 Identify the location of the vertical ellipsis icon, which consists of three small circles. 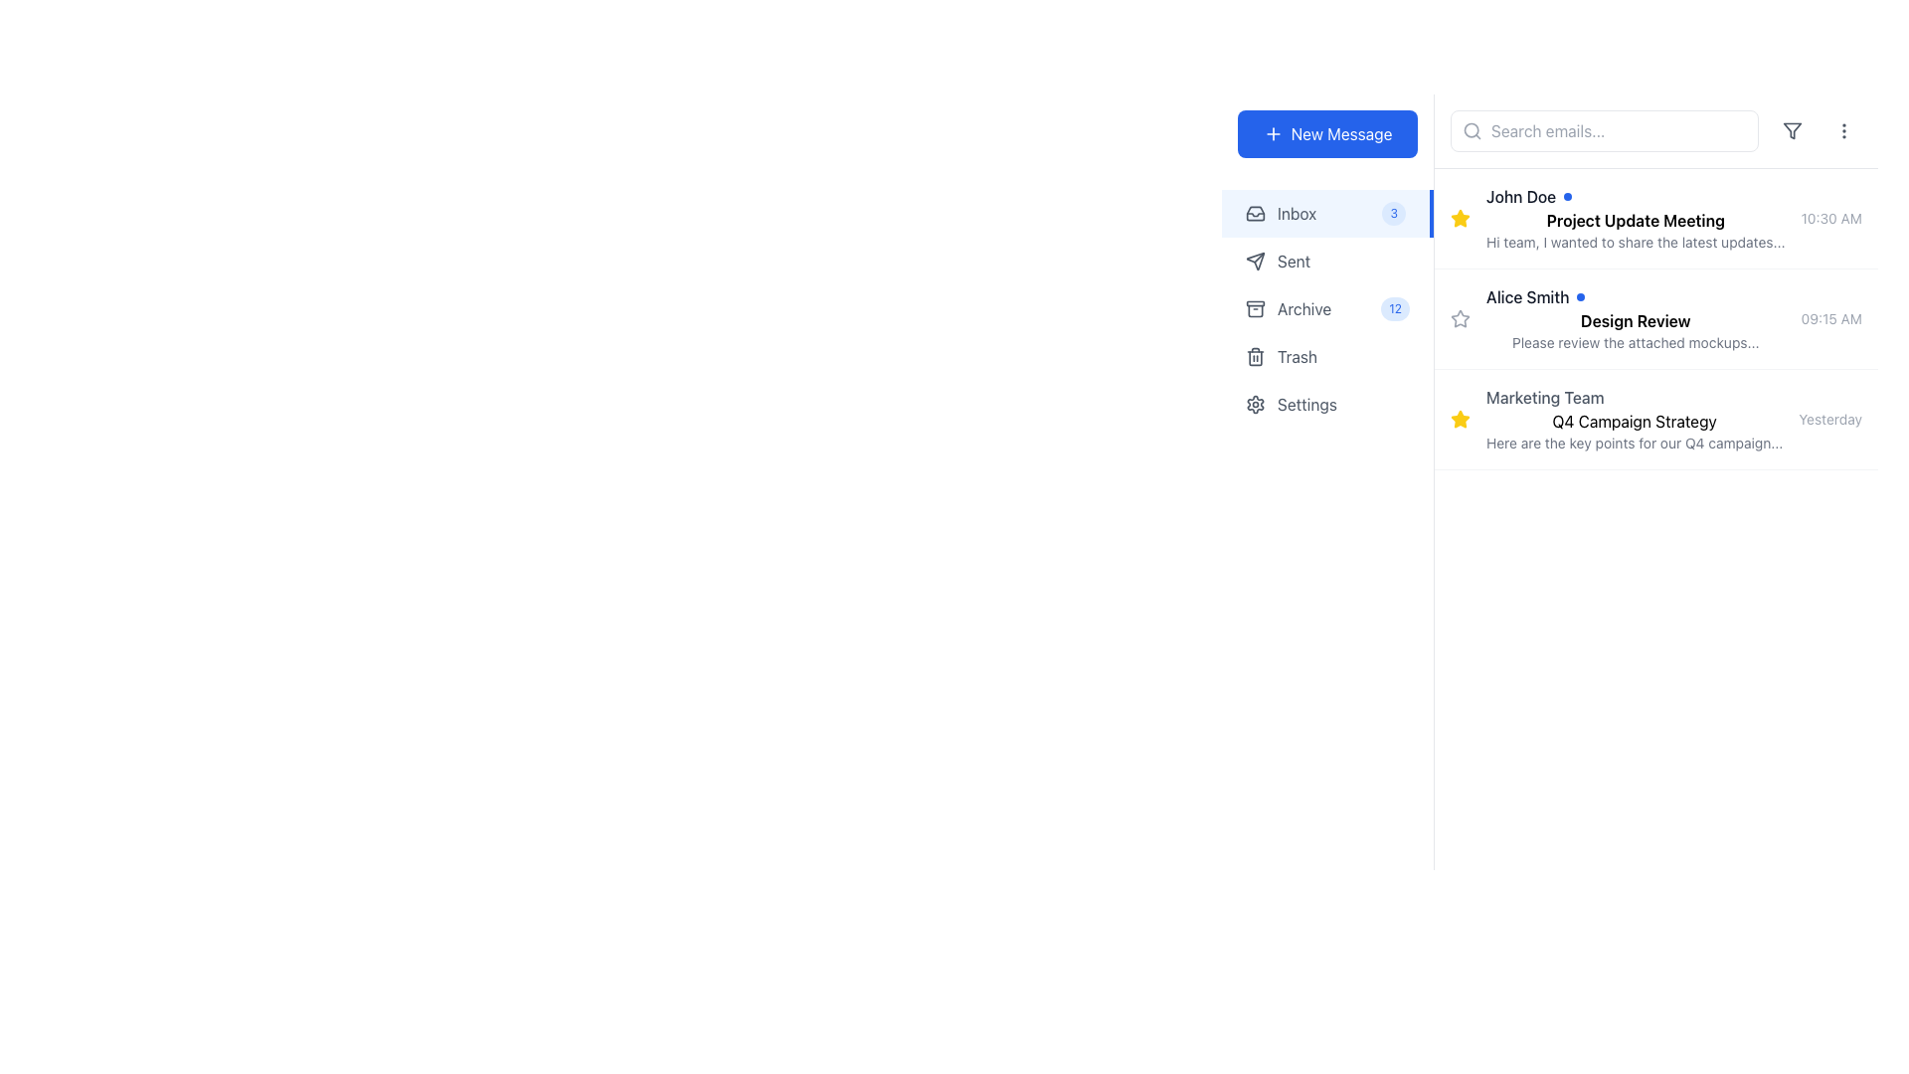
(1842, 130).